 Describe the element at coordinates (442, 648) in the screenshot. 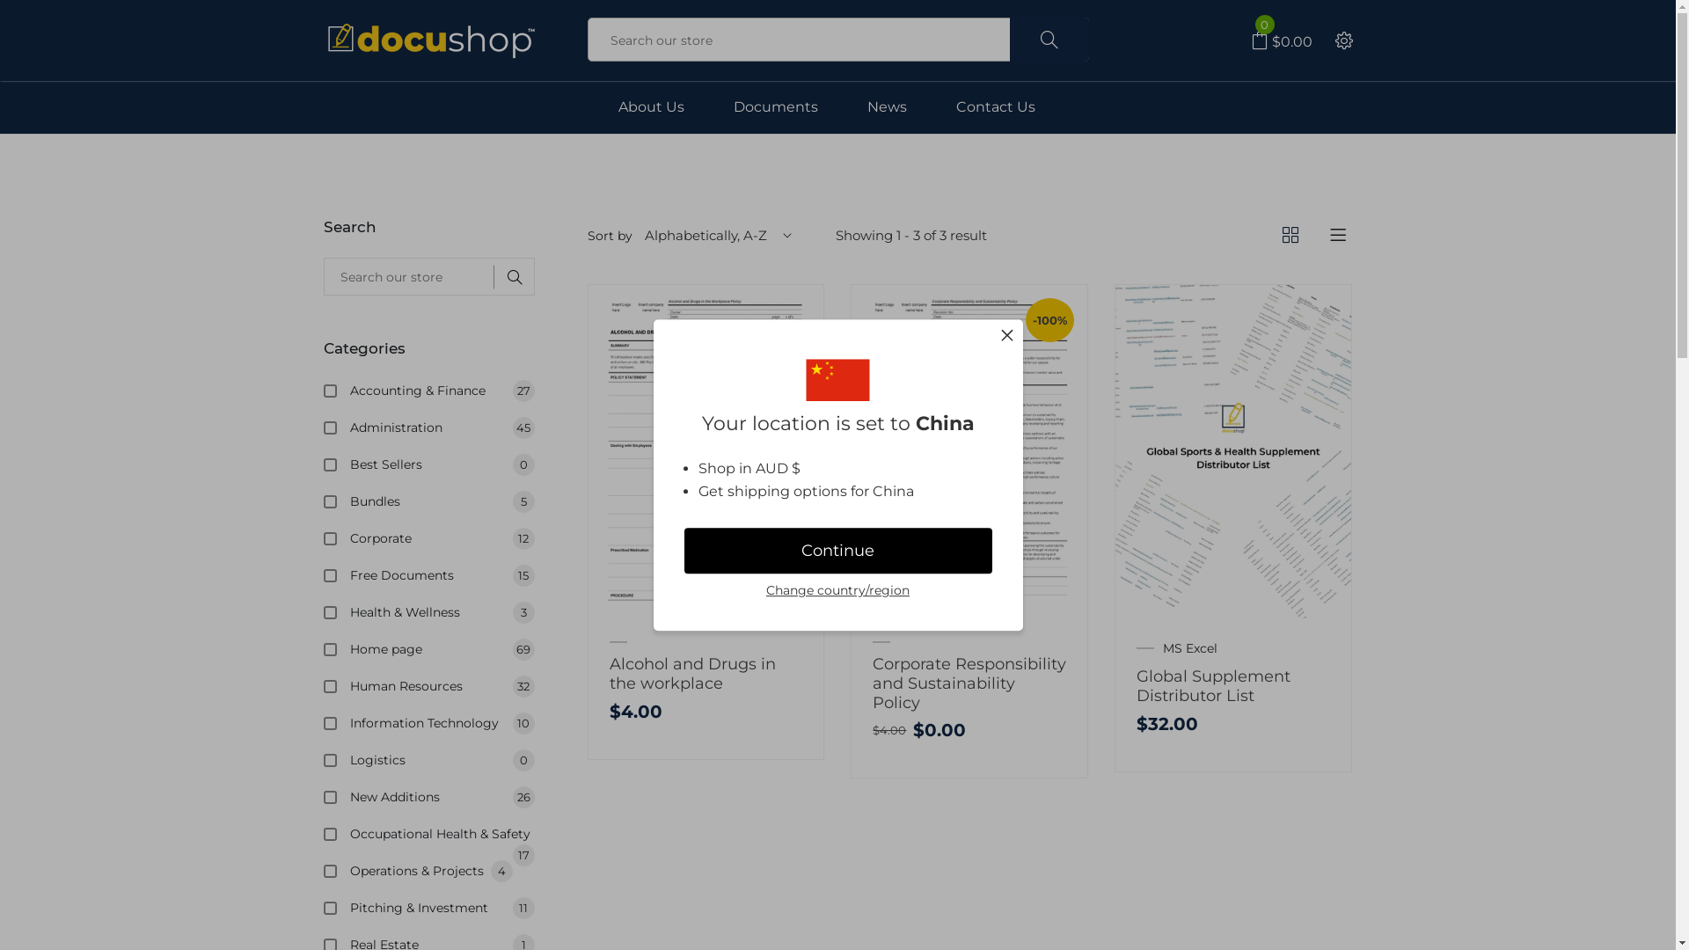

I see `'Home page` at that location.